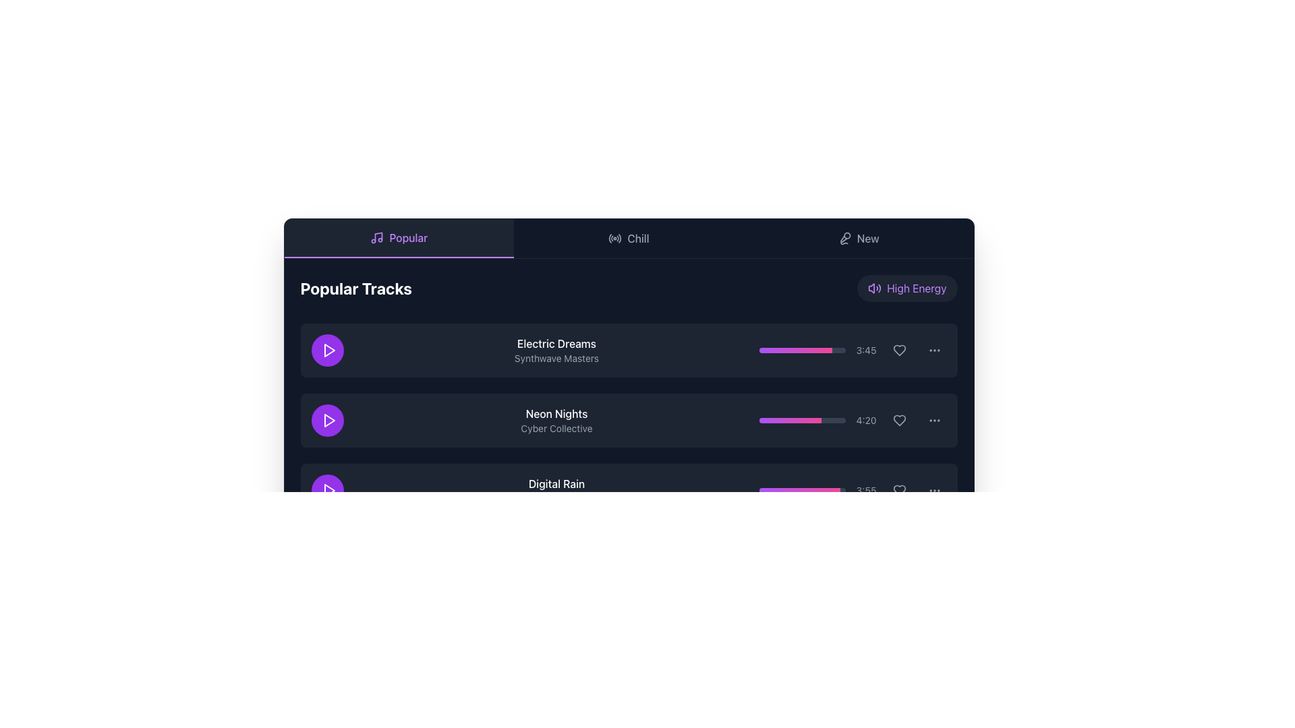 This screenshot has width=1295, height=728. Describe the element at coordinates (398, 238) in the screenshot. I see `the 'Popular' Selectable Tab Button, which is a rectangular button with a bold purple font and a purple music icon, located at the top bar as the first button in the list of options` at that location.